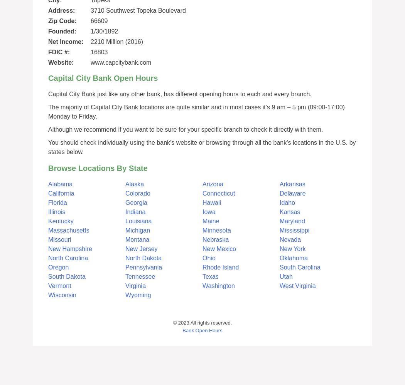  Describe the element at coordinates (68, 230) in the screenshot. I see `'Massachusetts'` at that location.